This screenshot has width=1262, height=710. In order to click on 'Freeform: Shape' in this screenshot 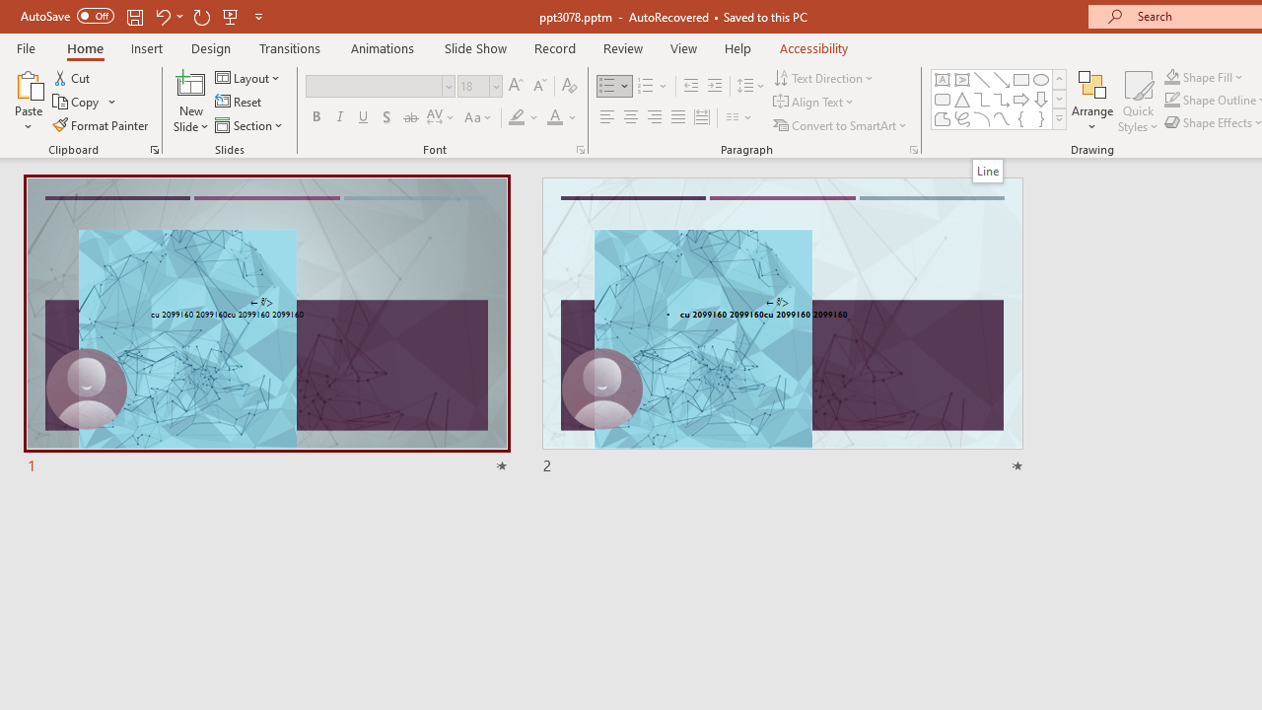, I will do `click(942, 118)`.